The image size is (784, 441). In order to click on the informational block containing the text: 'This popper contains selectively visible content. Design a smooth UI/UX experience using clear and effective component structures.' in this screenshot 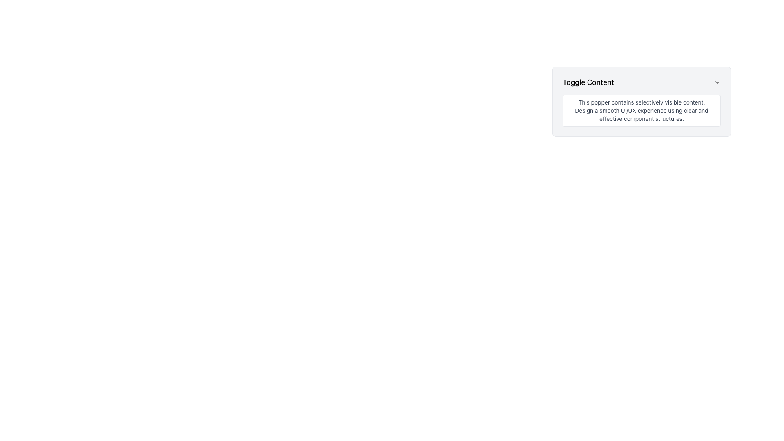, I will do `click(641, 110)`.